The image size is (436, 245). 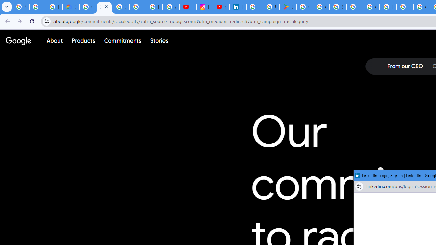 What do you see at coordinates (159, 40) in the screenshot?
I see `'Stories'` at bounding box center [159, 40].